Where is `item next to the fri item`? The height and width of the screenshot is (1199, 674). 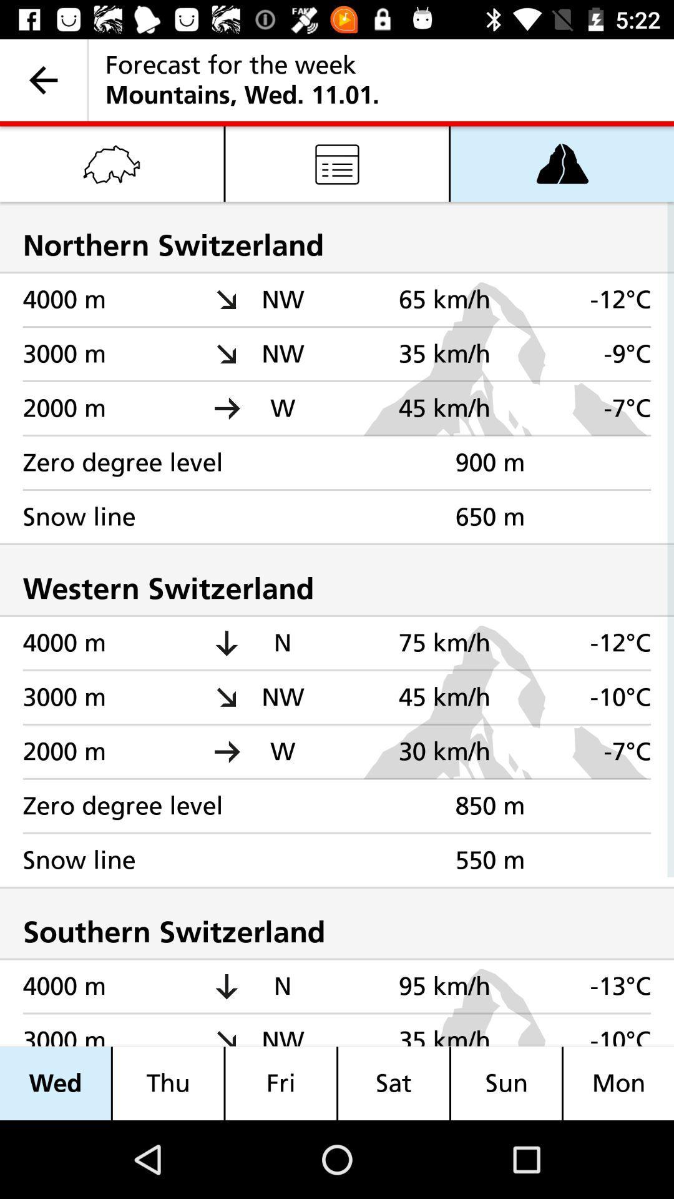 item next to the fri item is located at coordinates (394, 1083).